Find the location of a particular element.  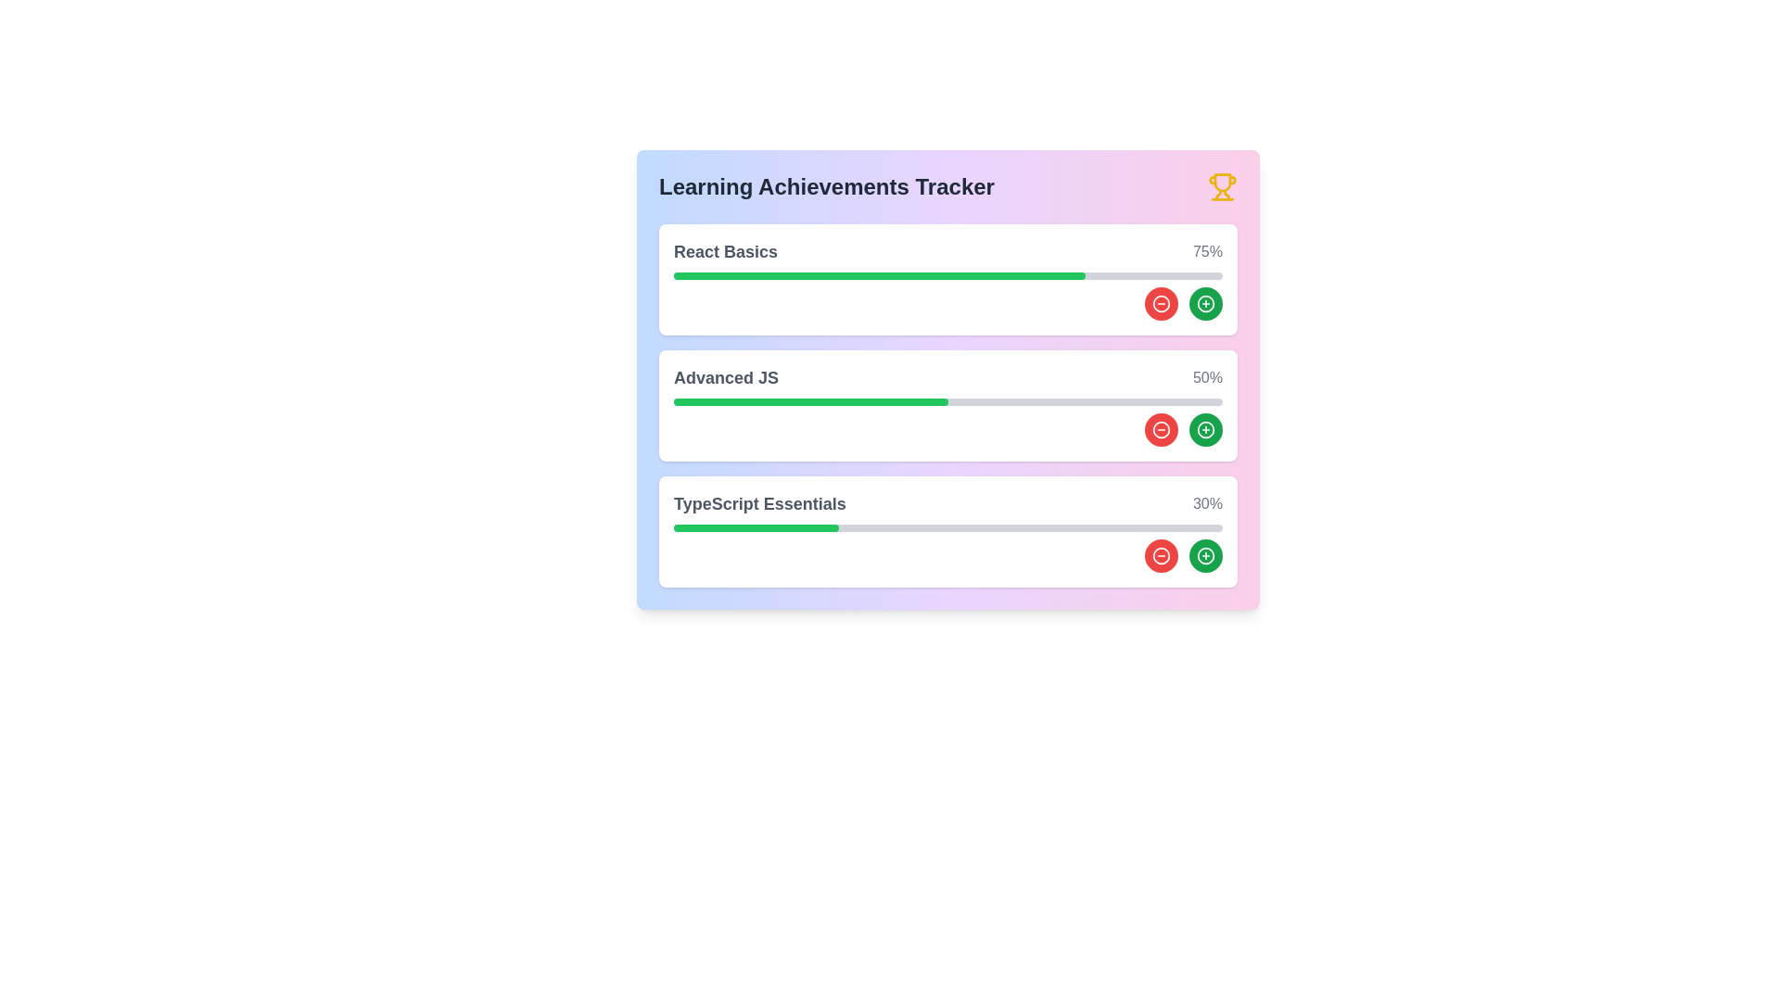

the text label displaying the completion percentage for the 'Advanced JS' module, which is located in the second row of the list, adjacent to the progress bar is located at coordinates (1207, 377).